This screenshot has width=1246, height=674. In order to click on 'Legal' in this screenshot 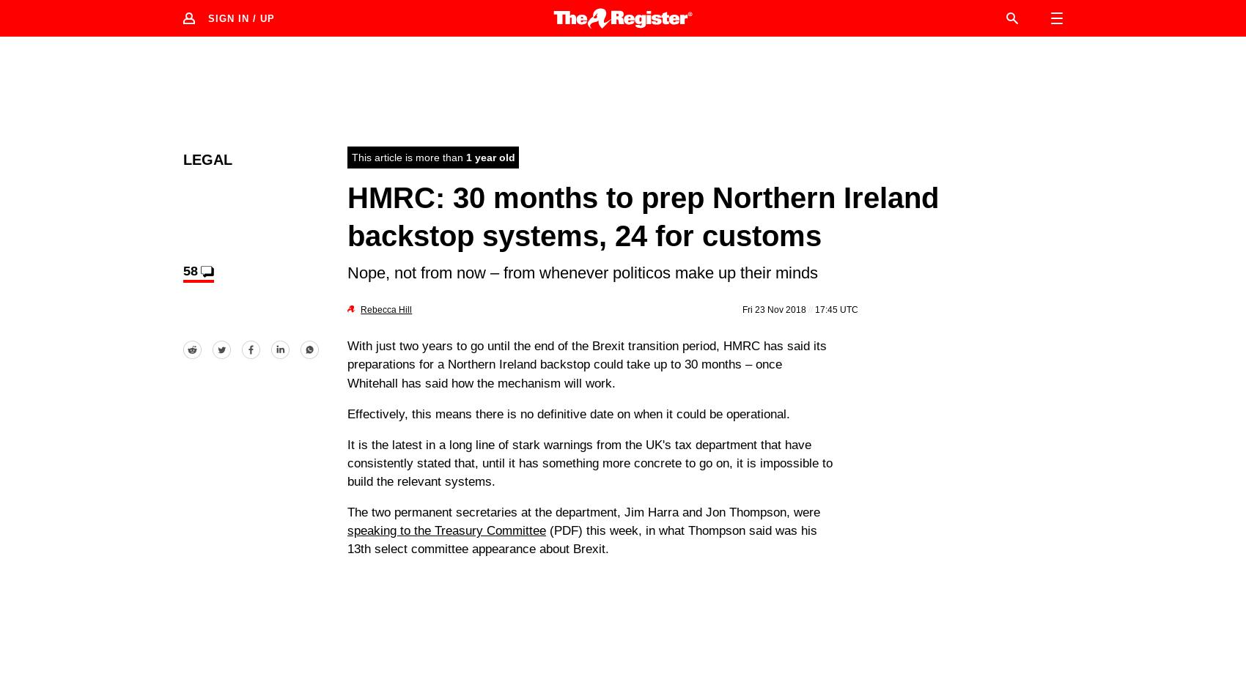, I will do `click(207, 158)`.